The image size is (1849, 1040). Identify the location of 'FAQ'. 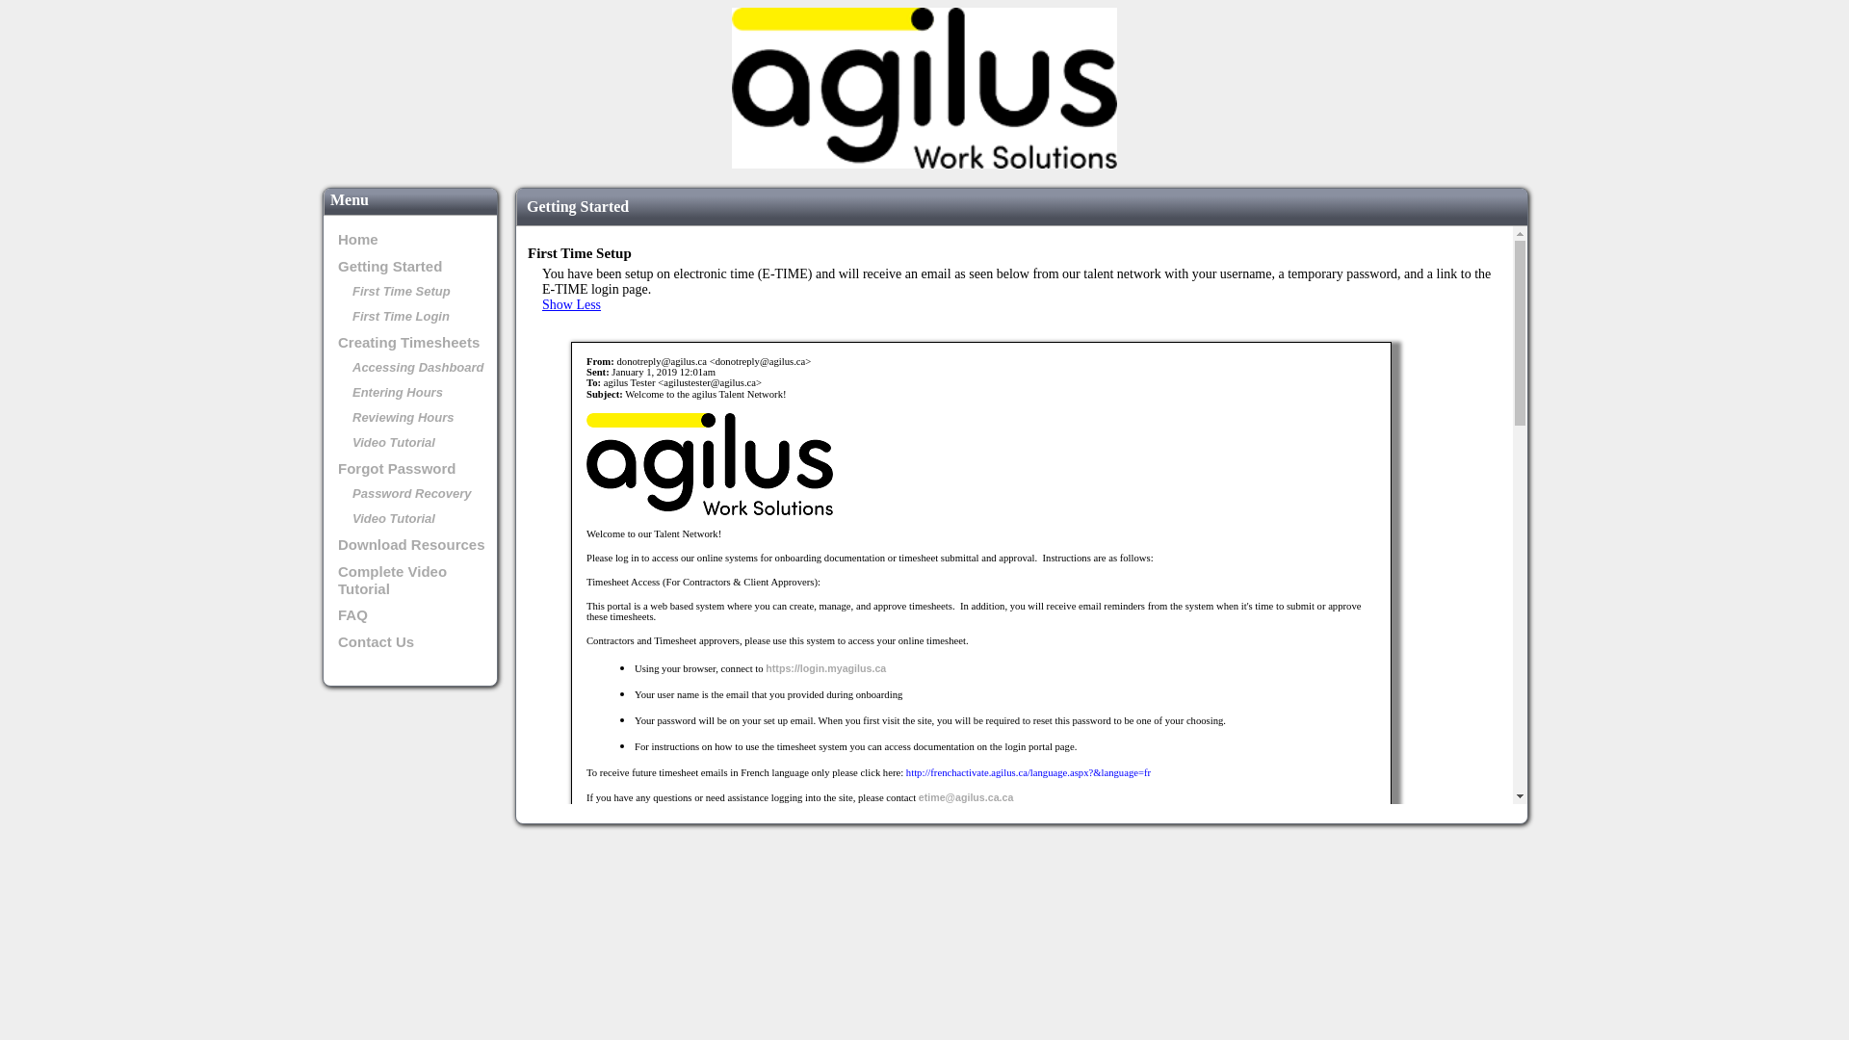
(352, 614).